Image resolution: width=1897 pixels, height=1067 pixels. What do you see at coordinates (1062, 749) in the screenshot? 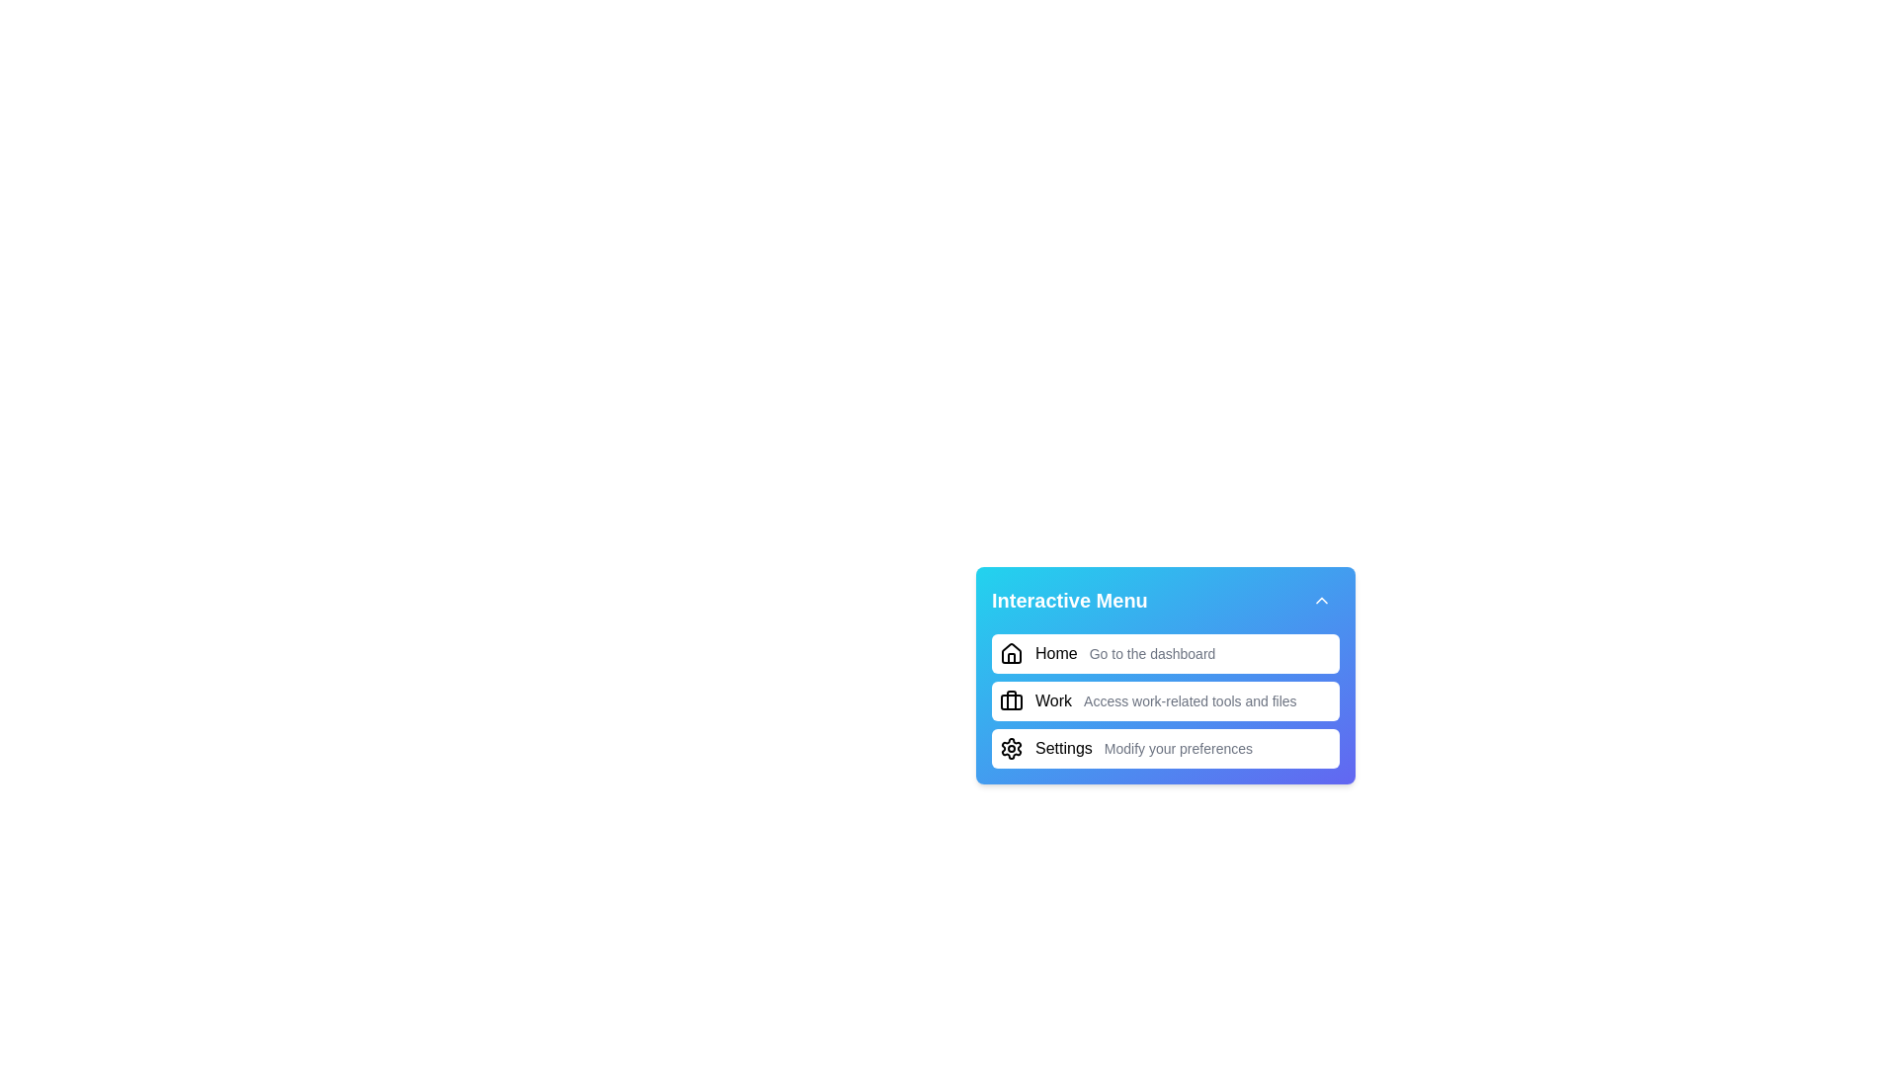
I see `text label indicating user settings or preferences, located in the last row of a vertically stacked interactive menu, to the immediate right of the gear icon` at bounding box center [1062, 749].